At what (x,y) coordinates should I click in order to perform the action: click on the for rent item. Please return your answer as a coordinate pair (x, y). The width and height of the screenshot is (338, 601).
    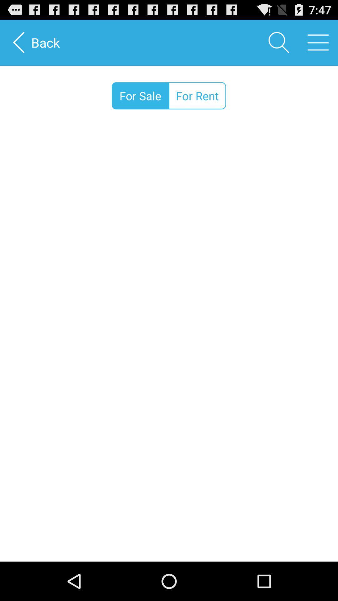
    Looking at the image, I should click on (197, 95).